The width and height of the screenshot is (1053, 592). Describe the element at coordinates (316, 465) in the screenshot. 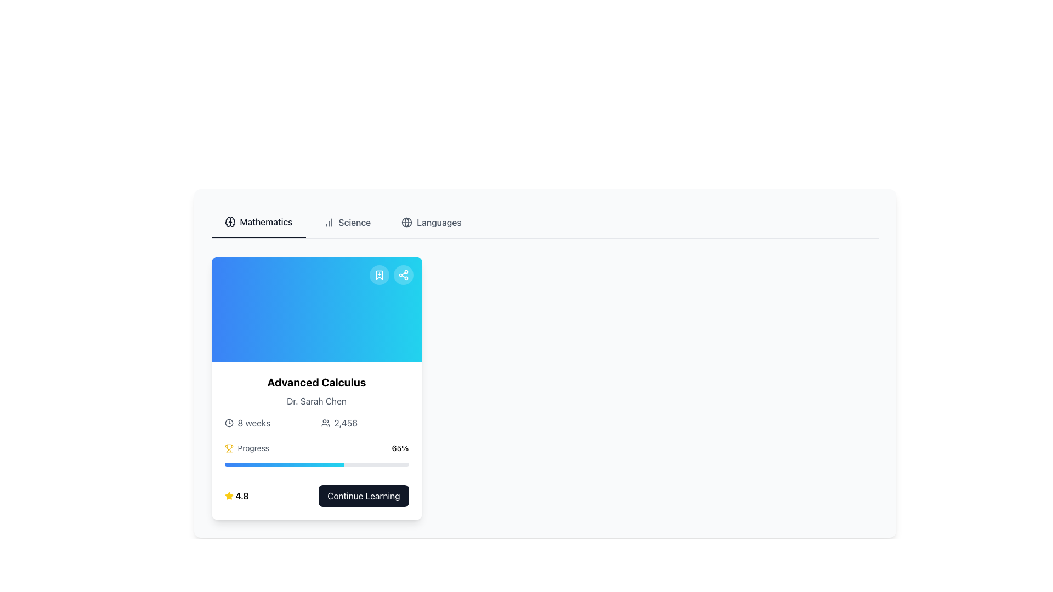

I see `the Progress Bar element located in the 'Progress' section of the card, which features a gray background and a blue-to-cyan gradient filling approximately 65% of the bar` at that location.